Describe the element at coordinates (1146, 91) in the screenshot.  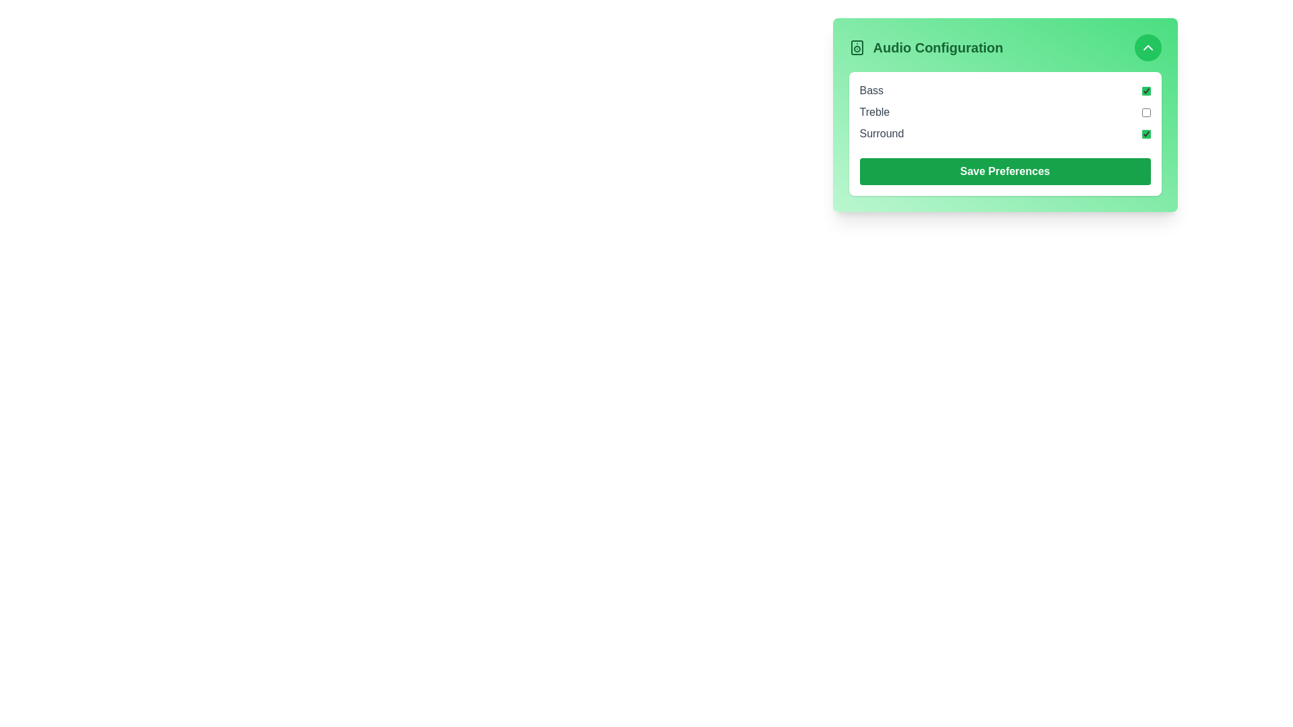
I see `the checkbox next to the 'Bass' label` at that location.